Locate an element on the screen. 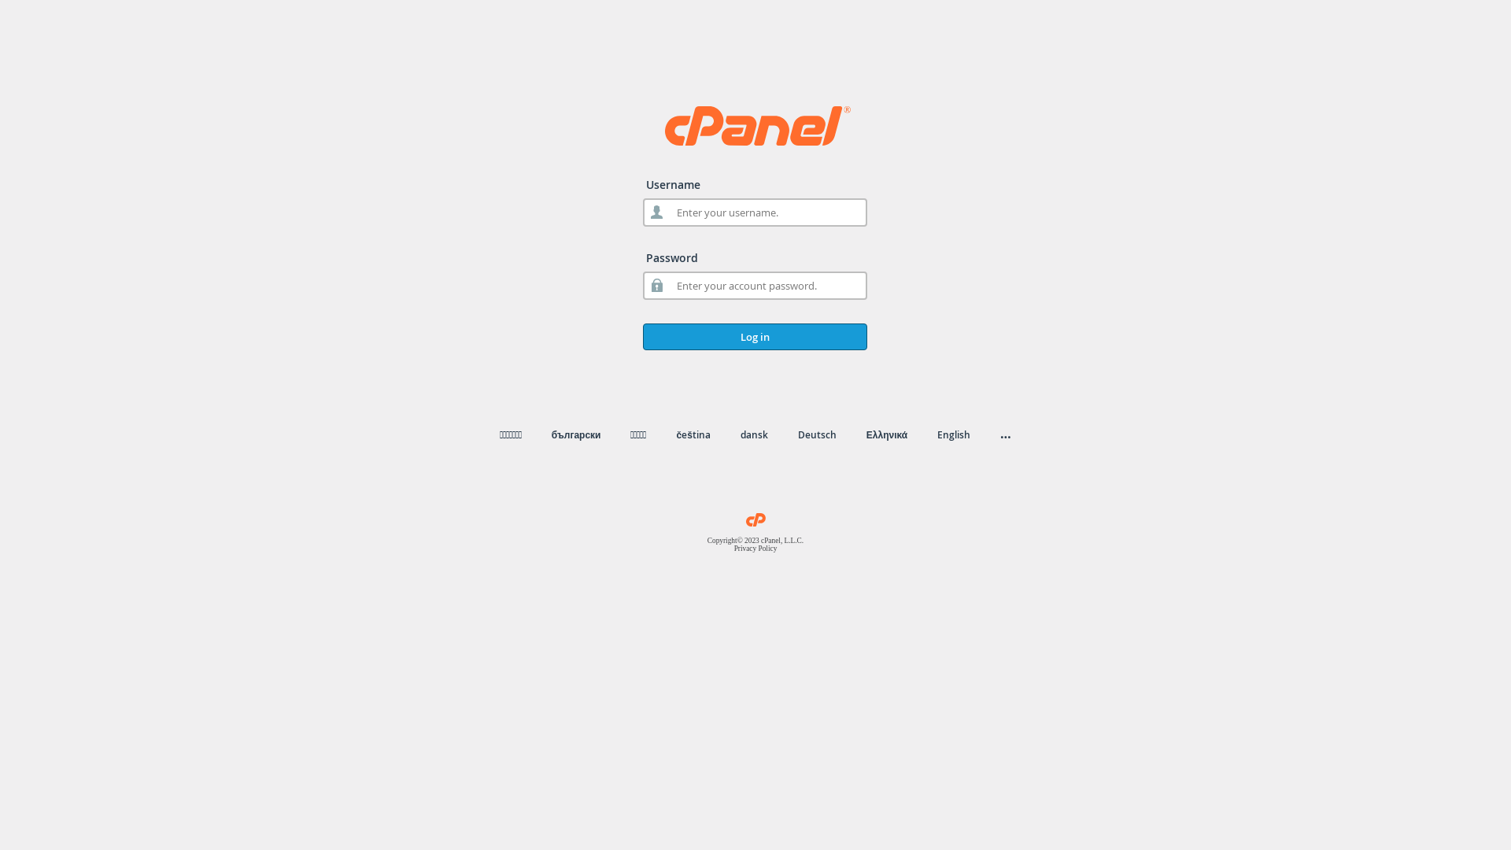 Image resolution: width=1511 pixels, height=850 pixels. 'English' is located at coordinates (937, 434).